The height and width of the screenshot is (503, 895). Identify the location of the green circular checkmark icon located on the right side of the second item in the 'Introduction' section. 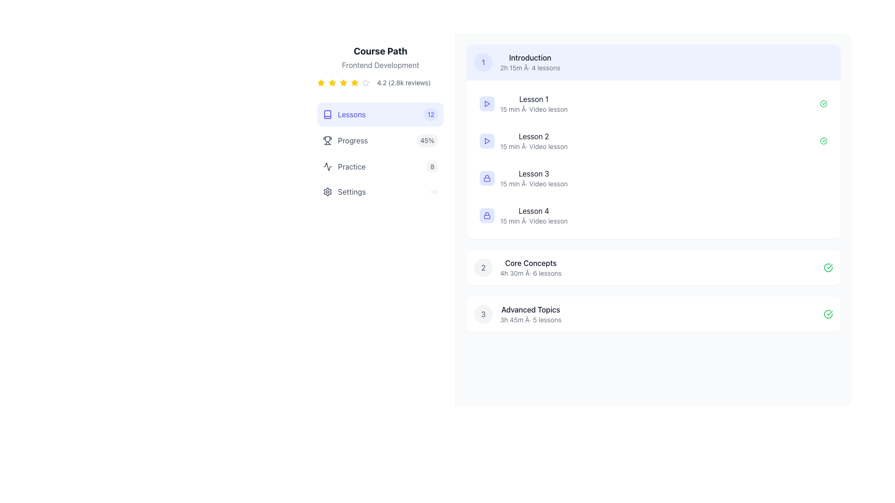
(823, 141).